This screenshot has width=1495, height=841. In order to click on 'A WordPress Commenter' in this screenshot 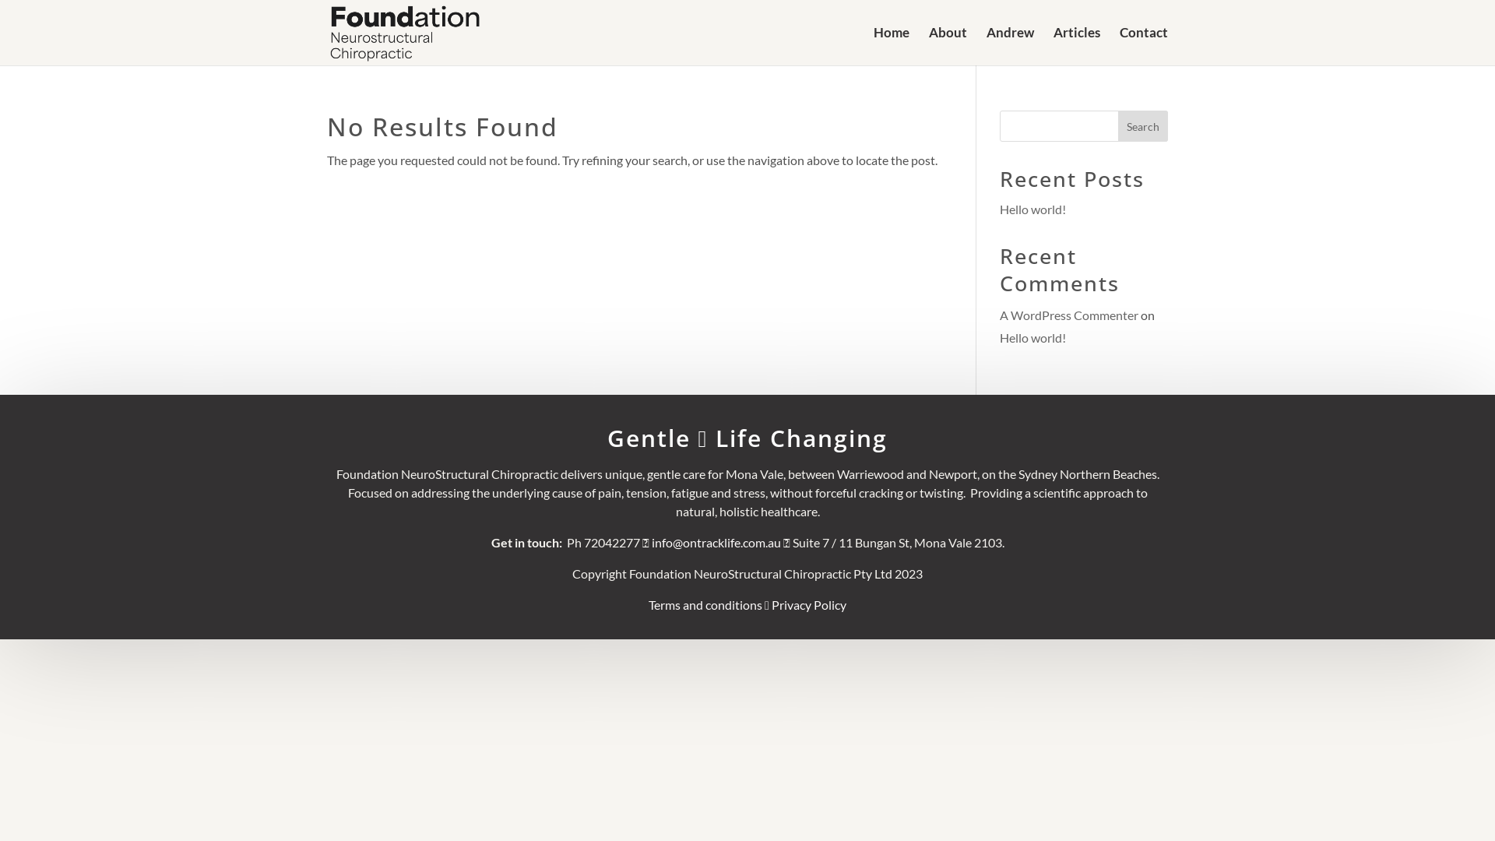, I will do `click(999, 315)`.